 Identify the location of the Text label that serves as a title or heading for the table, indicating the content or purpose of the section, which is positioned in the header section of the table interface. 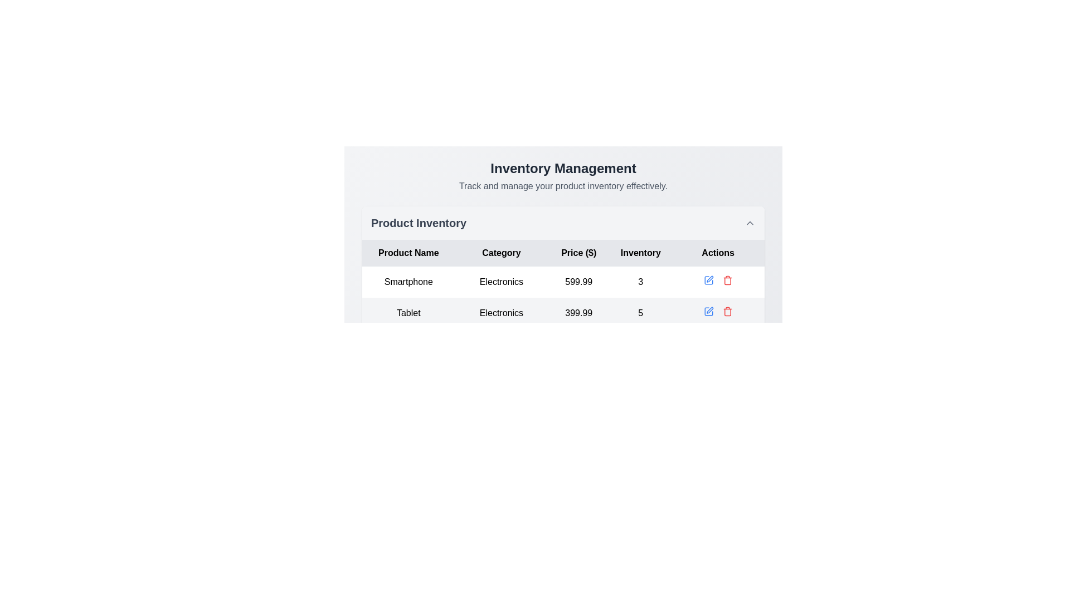
(418, 223).